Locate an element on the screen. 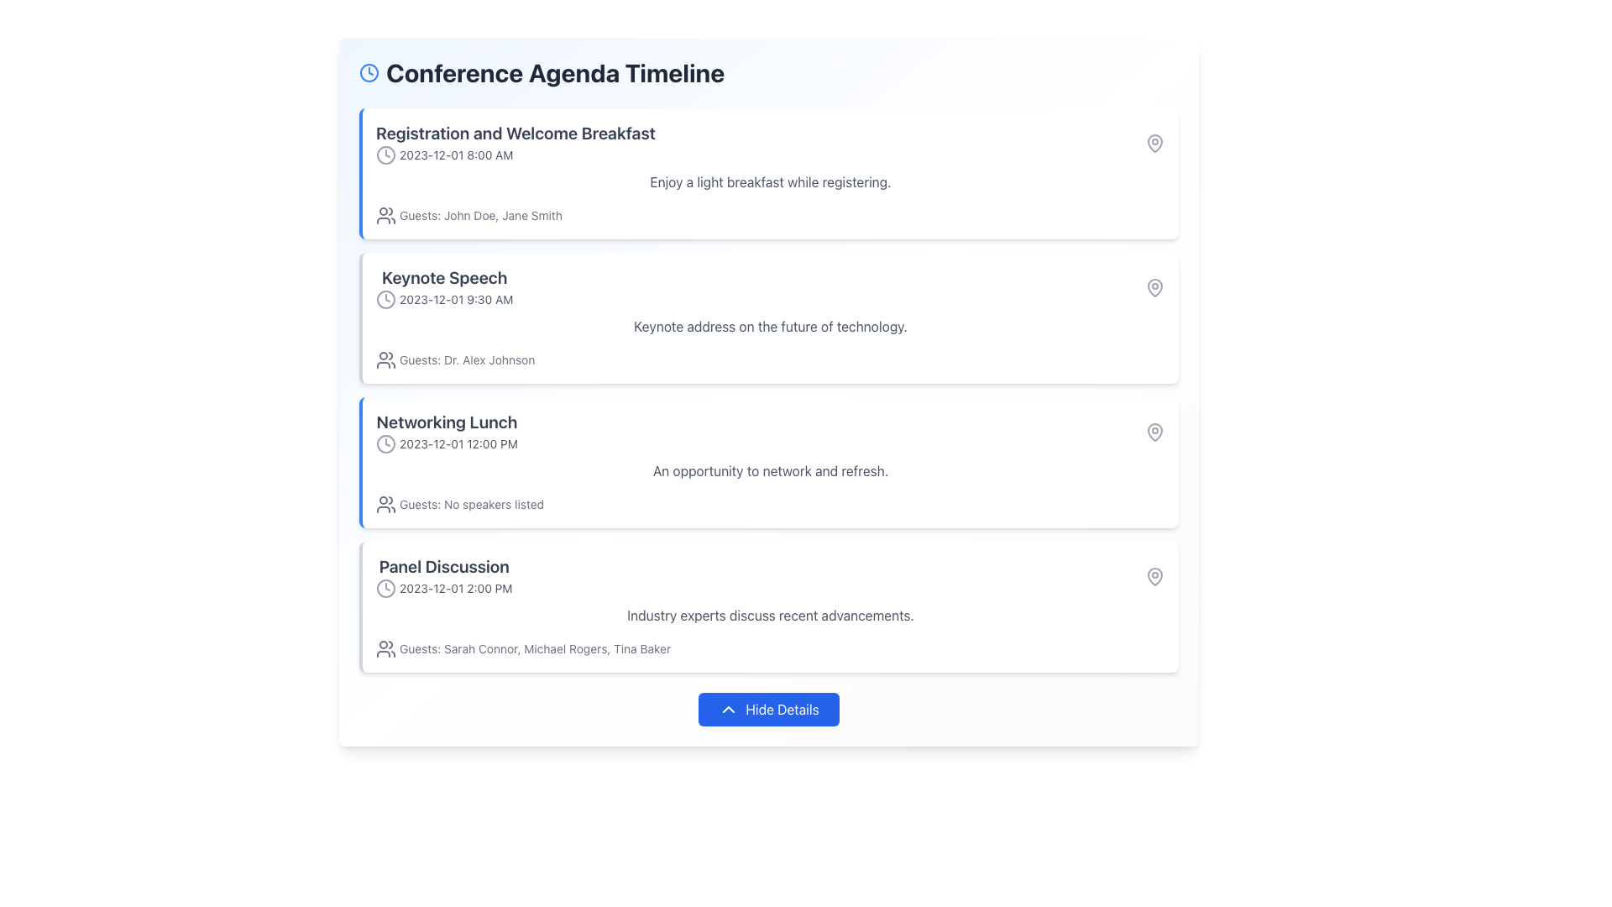  text providing additional details about the 'Registration and Welcome Breakfast' agenda item, which describes the availability of a light breakfast during the registration process is located at coordinates (769, 181).